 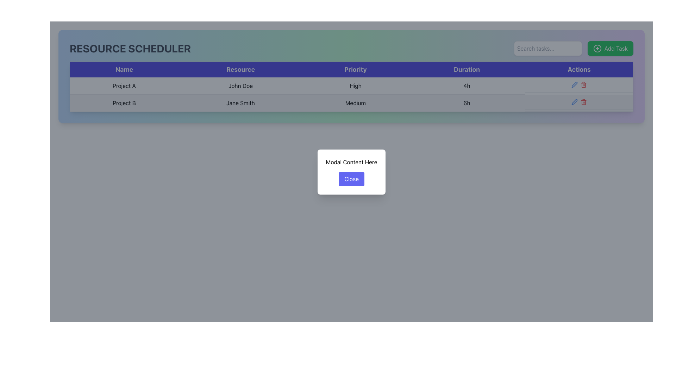 What do you see at coordinates (610, 48) in the screenshot?
I see `the green 'Add Task' button with a white plus icon located at the top-right corner of the panel to trigger the tooltip or animation` at bounding box center [610, 48].